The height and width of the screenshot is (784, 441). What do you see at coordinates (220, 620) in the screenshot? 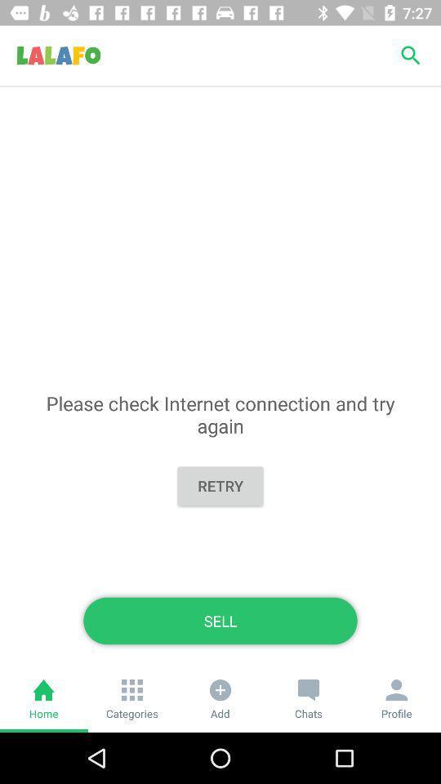
I see `sell icon` at bounding box center [220, 620].